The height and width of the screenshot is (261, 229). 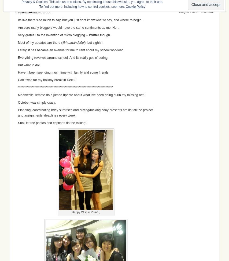 I want to click on 'Shall let the photos and captions do the talking!', so click(x=52, y=122).